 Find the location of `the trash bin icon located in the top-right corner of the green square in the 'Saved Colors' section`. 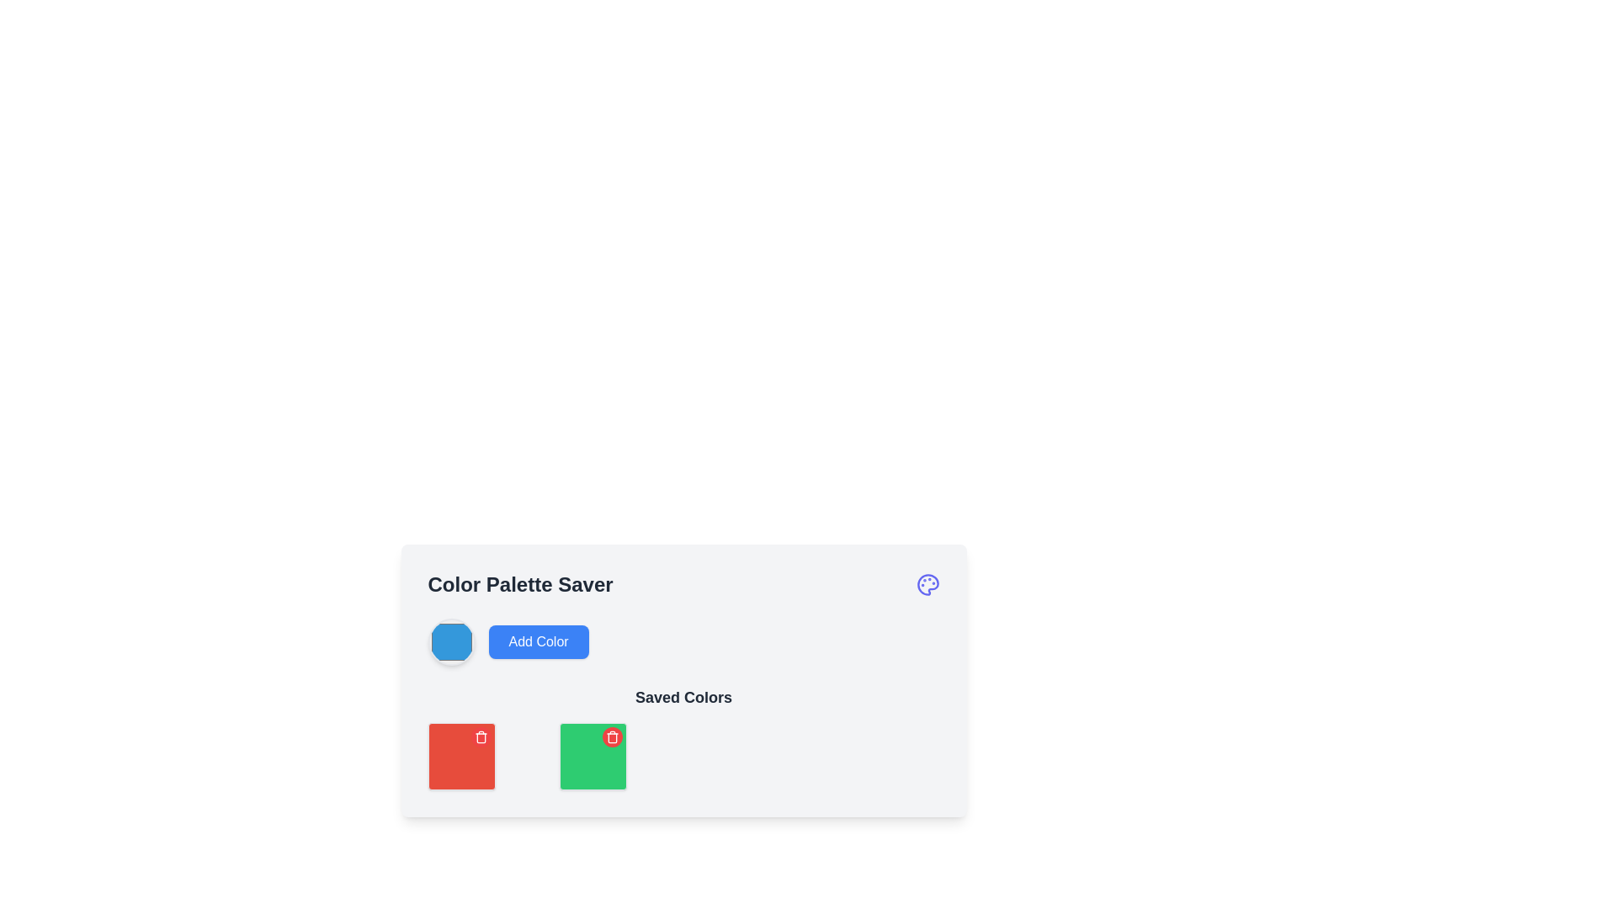

the trash bin icon located in the top-right corner of the green square in the 'Saved Colors' section is located at coordinates (611, 736).